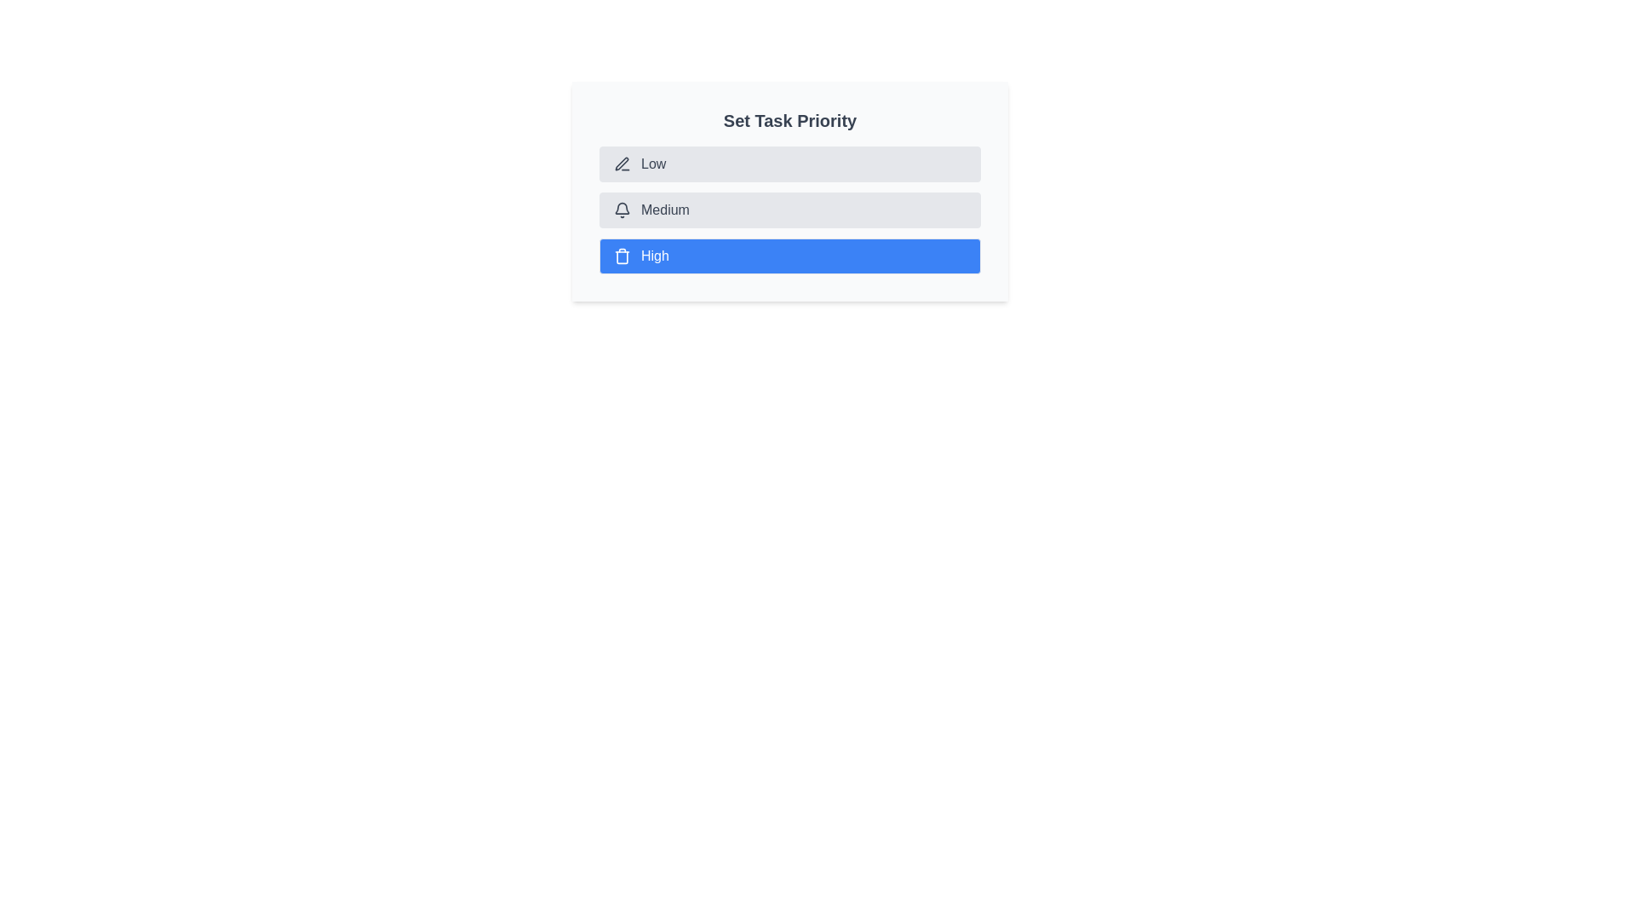 The image size is (1635, 920). I want to click on the priority chip corresponding to High to set it as the current priority, so click(789, 256).